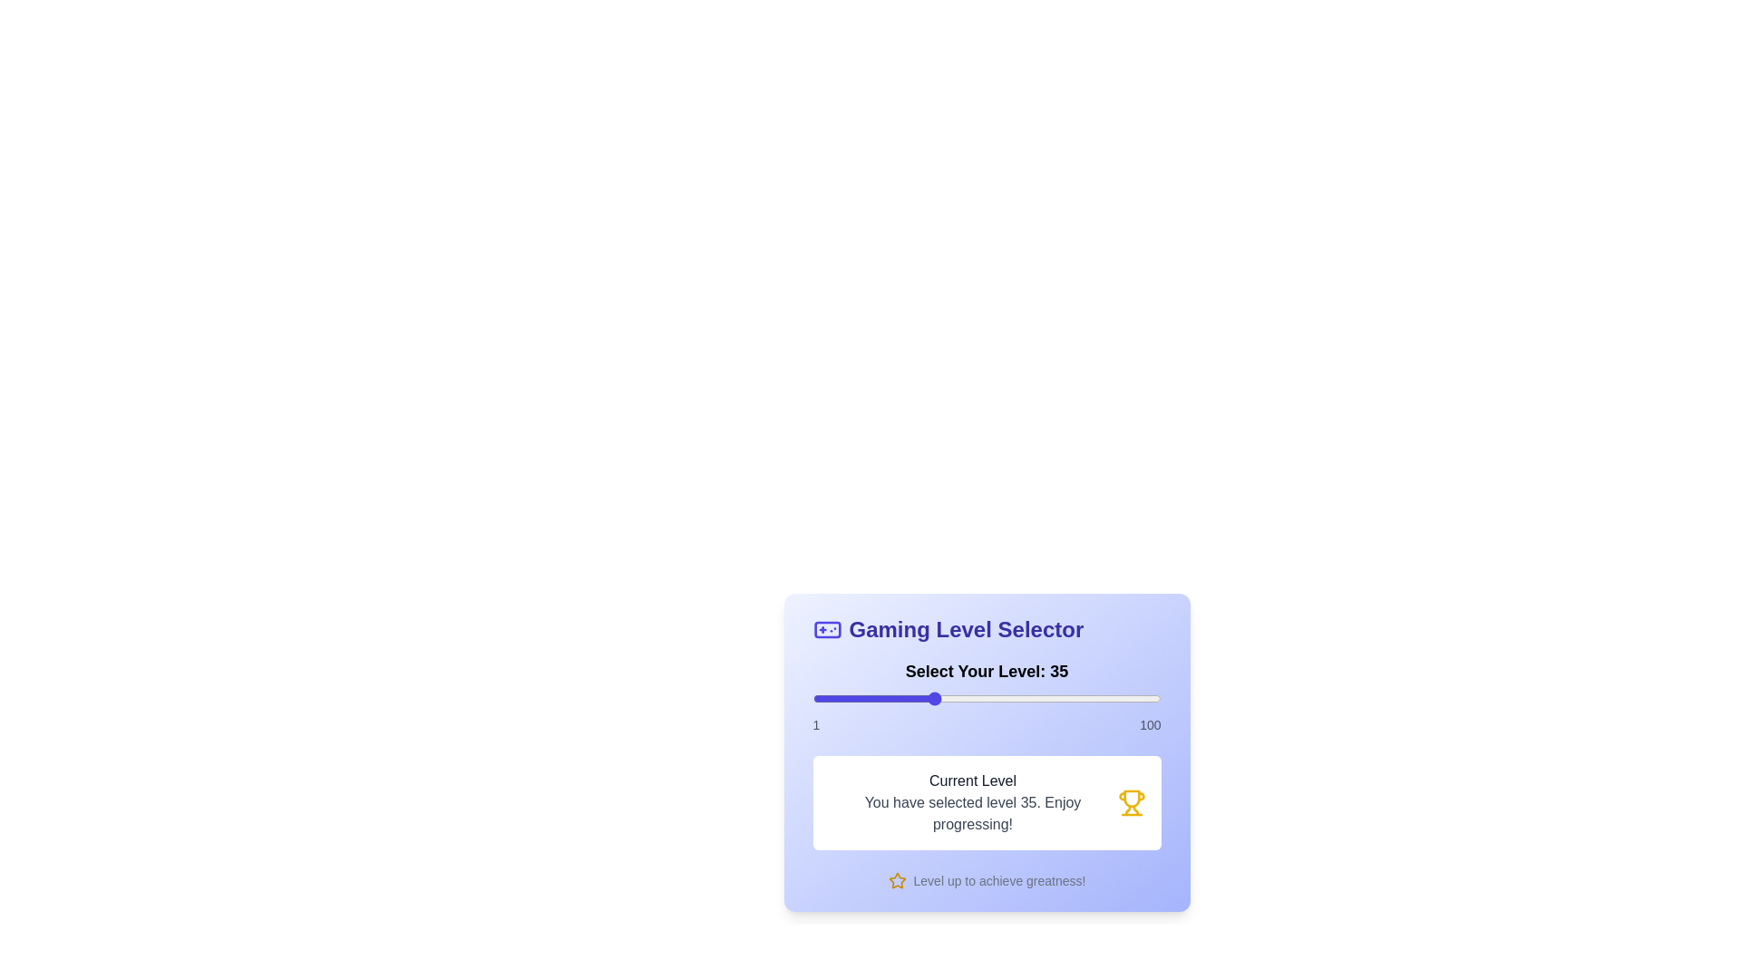 This screenshot has width=1741, height=979. What do you see at coordinates (1087, 698) in the screenshot?
I see `the level` at bounding box center [1087, 698].